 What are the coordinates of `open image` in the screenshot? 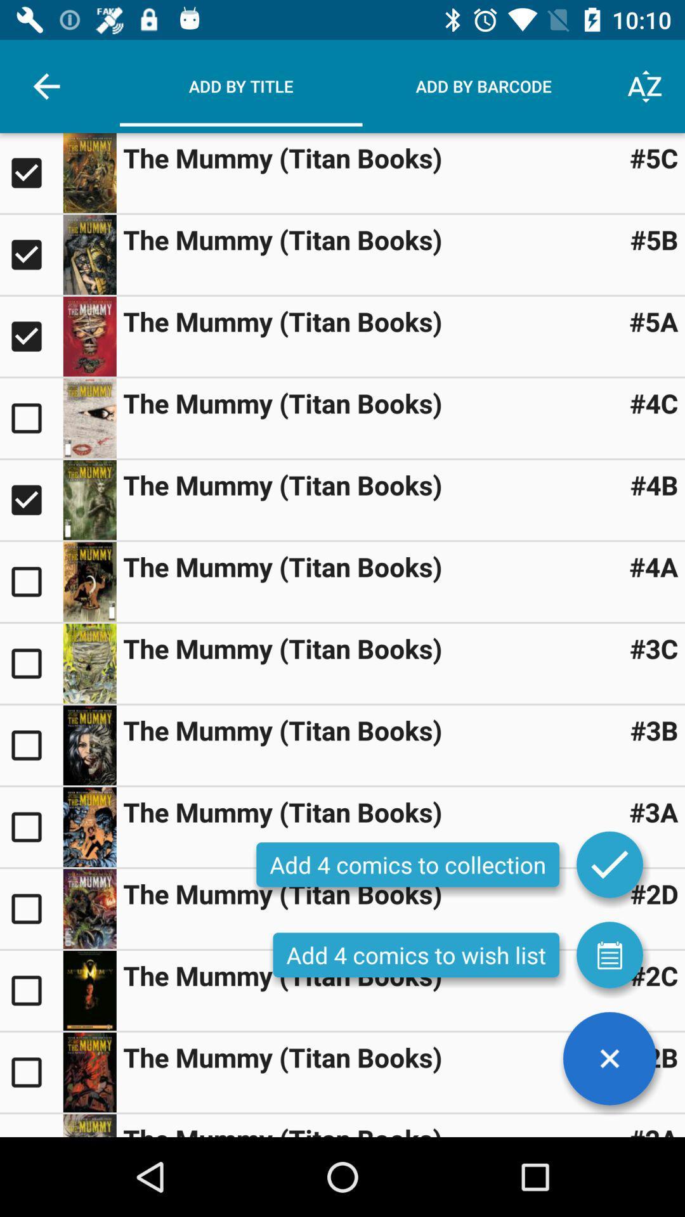 It's located at (89, 990).